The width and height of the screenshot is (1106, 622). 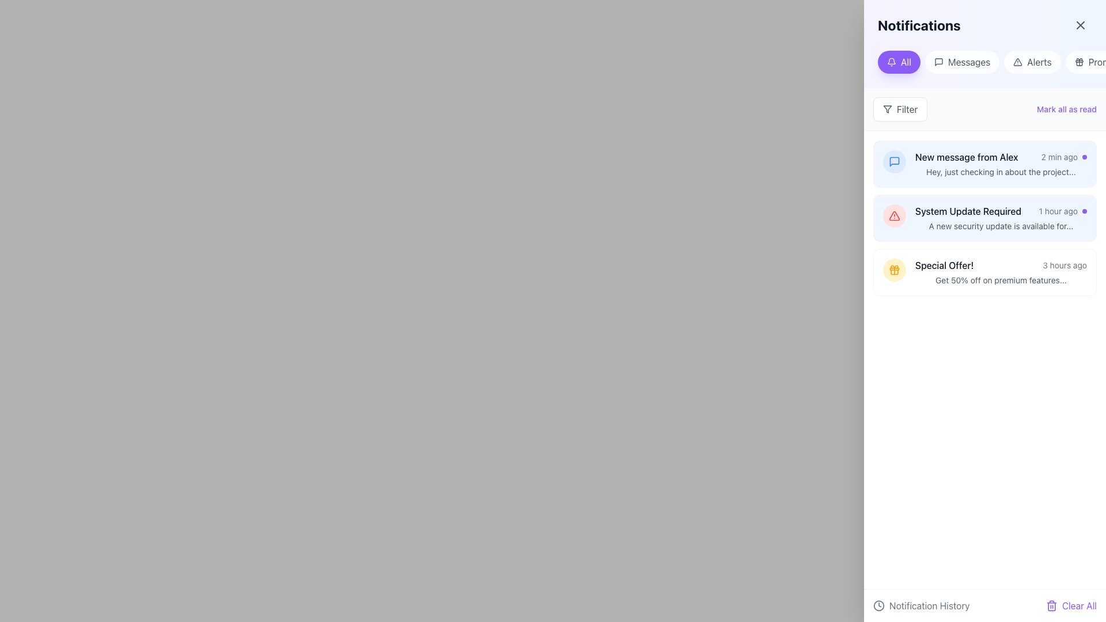 I want to click on the 'Filter' text label within the button that applies a filter to the notifications in the panel, so click(x=907, y=109).